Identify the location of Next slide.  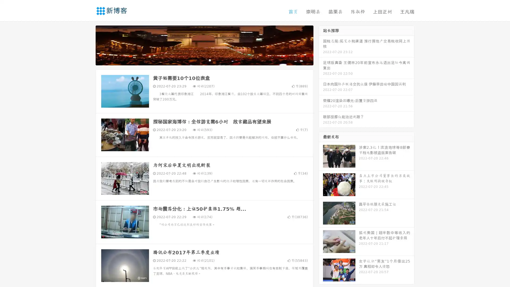
(321, 45).